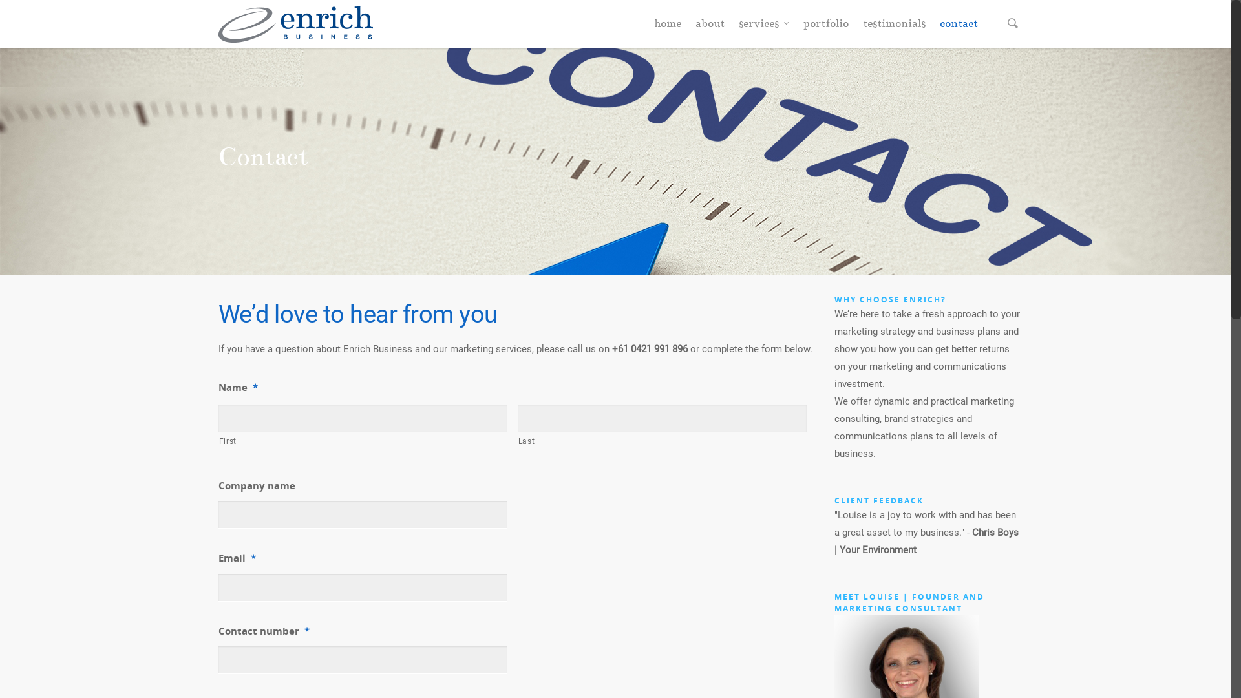  What do you see at coordinates (763, 27) in the screenshot?
I see `'services'` at bounding box center [763, 27].